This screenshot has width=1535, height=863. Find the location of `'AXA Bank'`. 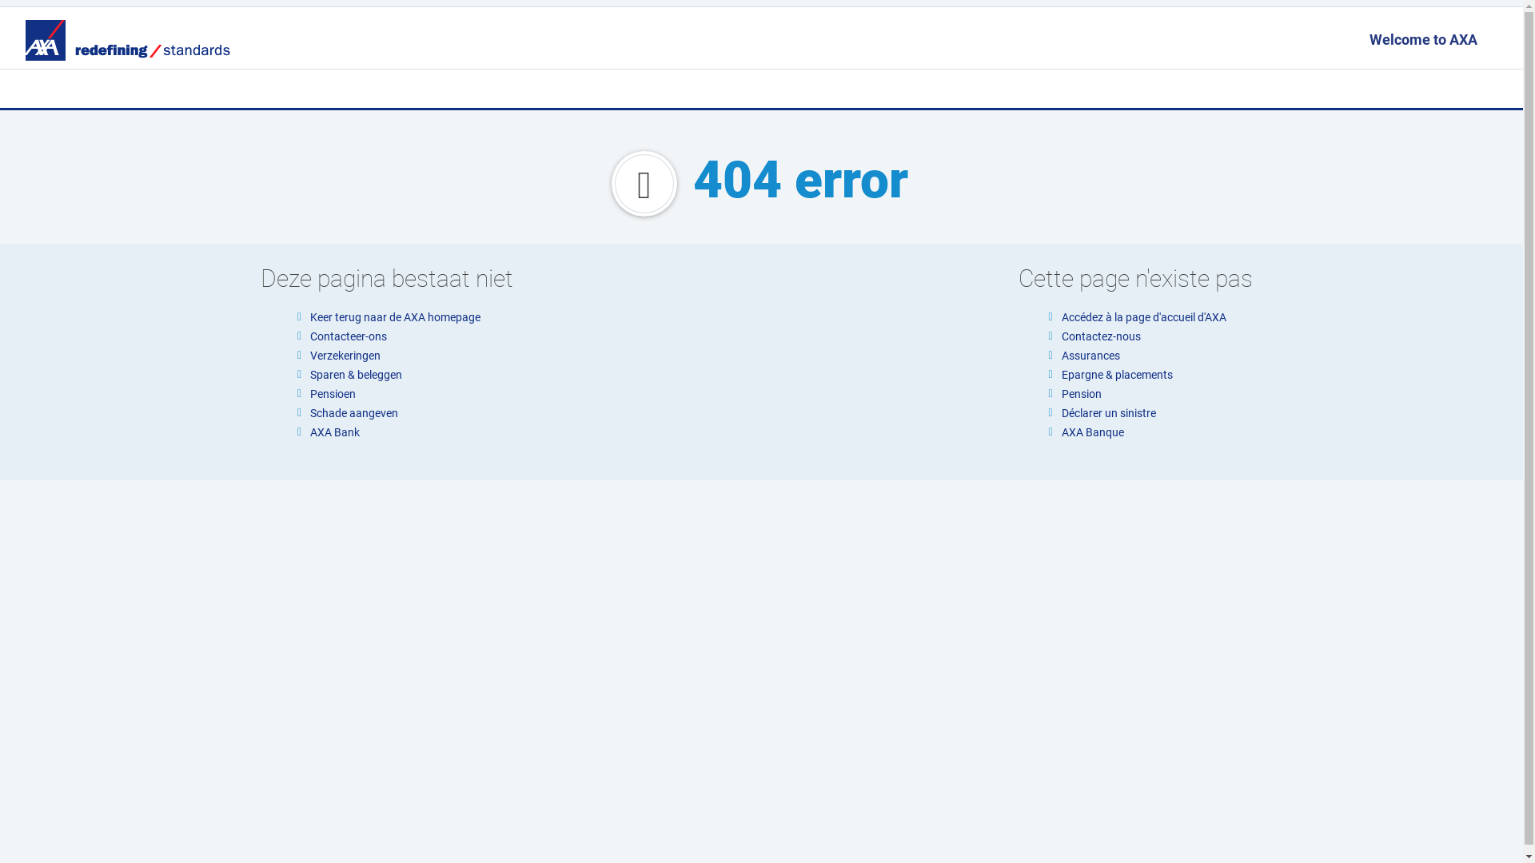

'AXA Bank' is located at coordinates (310, 431).